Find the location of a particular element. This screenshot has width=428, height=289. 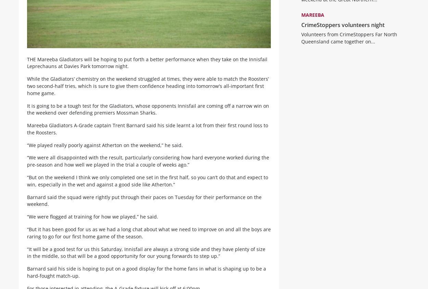

'Mareeba' is located at coordinates (313, 19).